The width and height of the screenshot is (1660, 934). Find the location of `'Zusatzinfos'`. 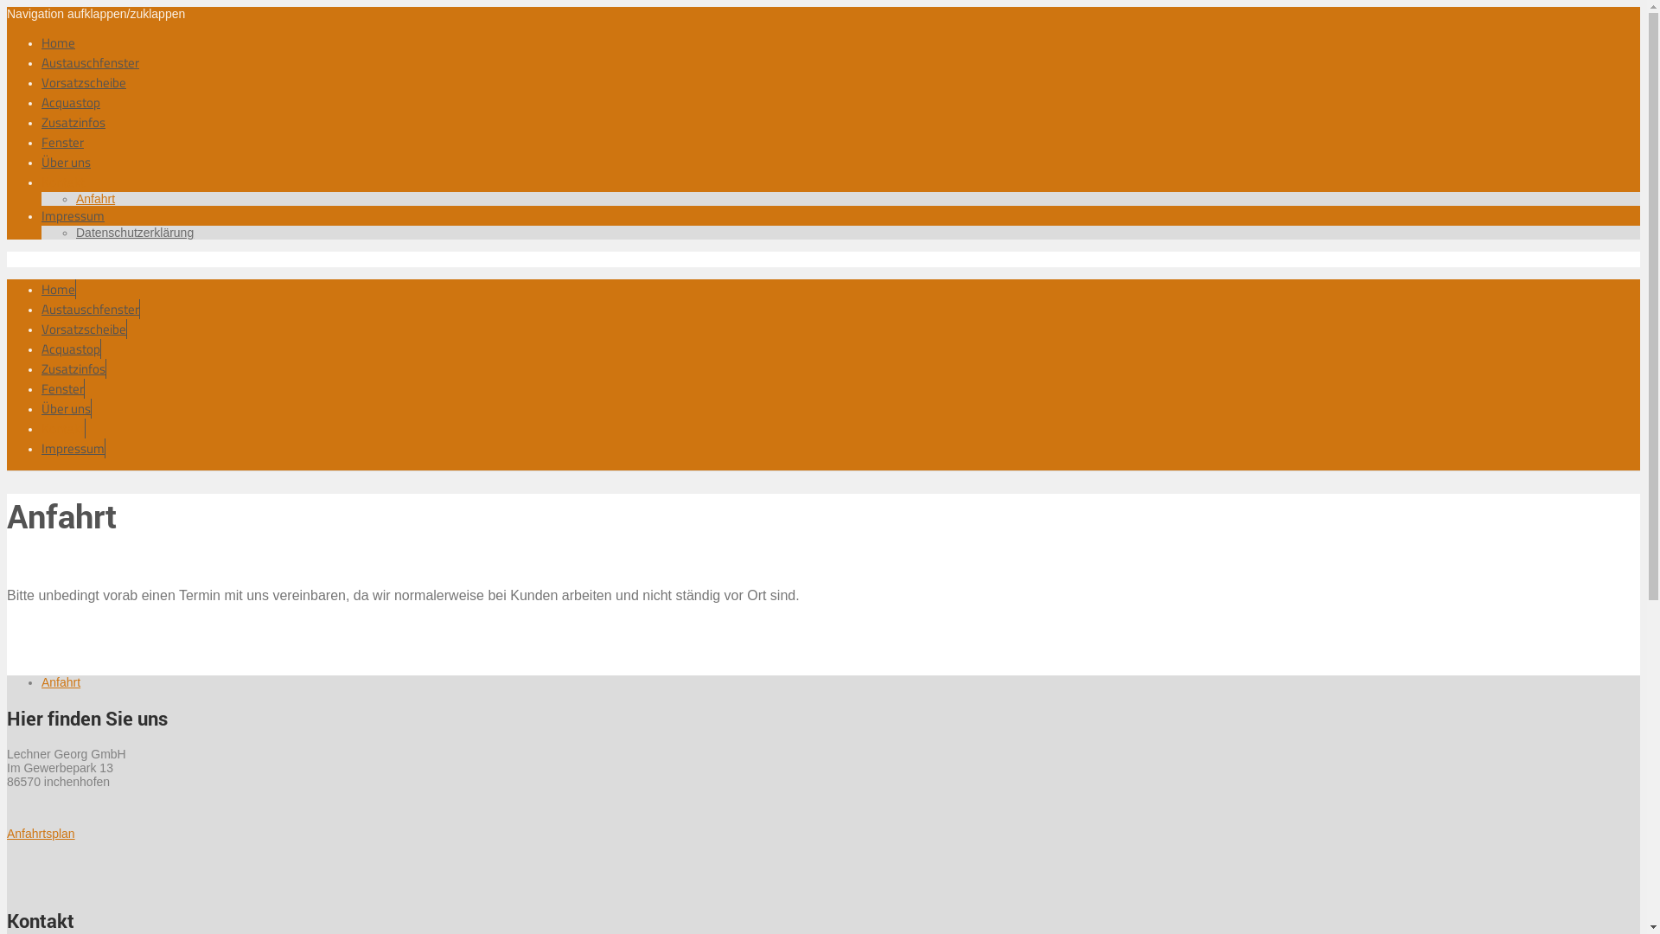

'Zusatzinfos' is located at coordinates (73, 368).